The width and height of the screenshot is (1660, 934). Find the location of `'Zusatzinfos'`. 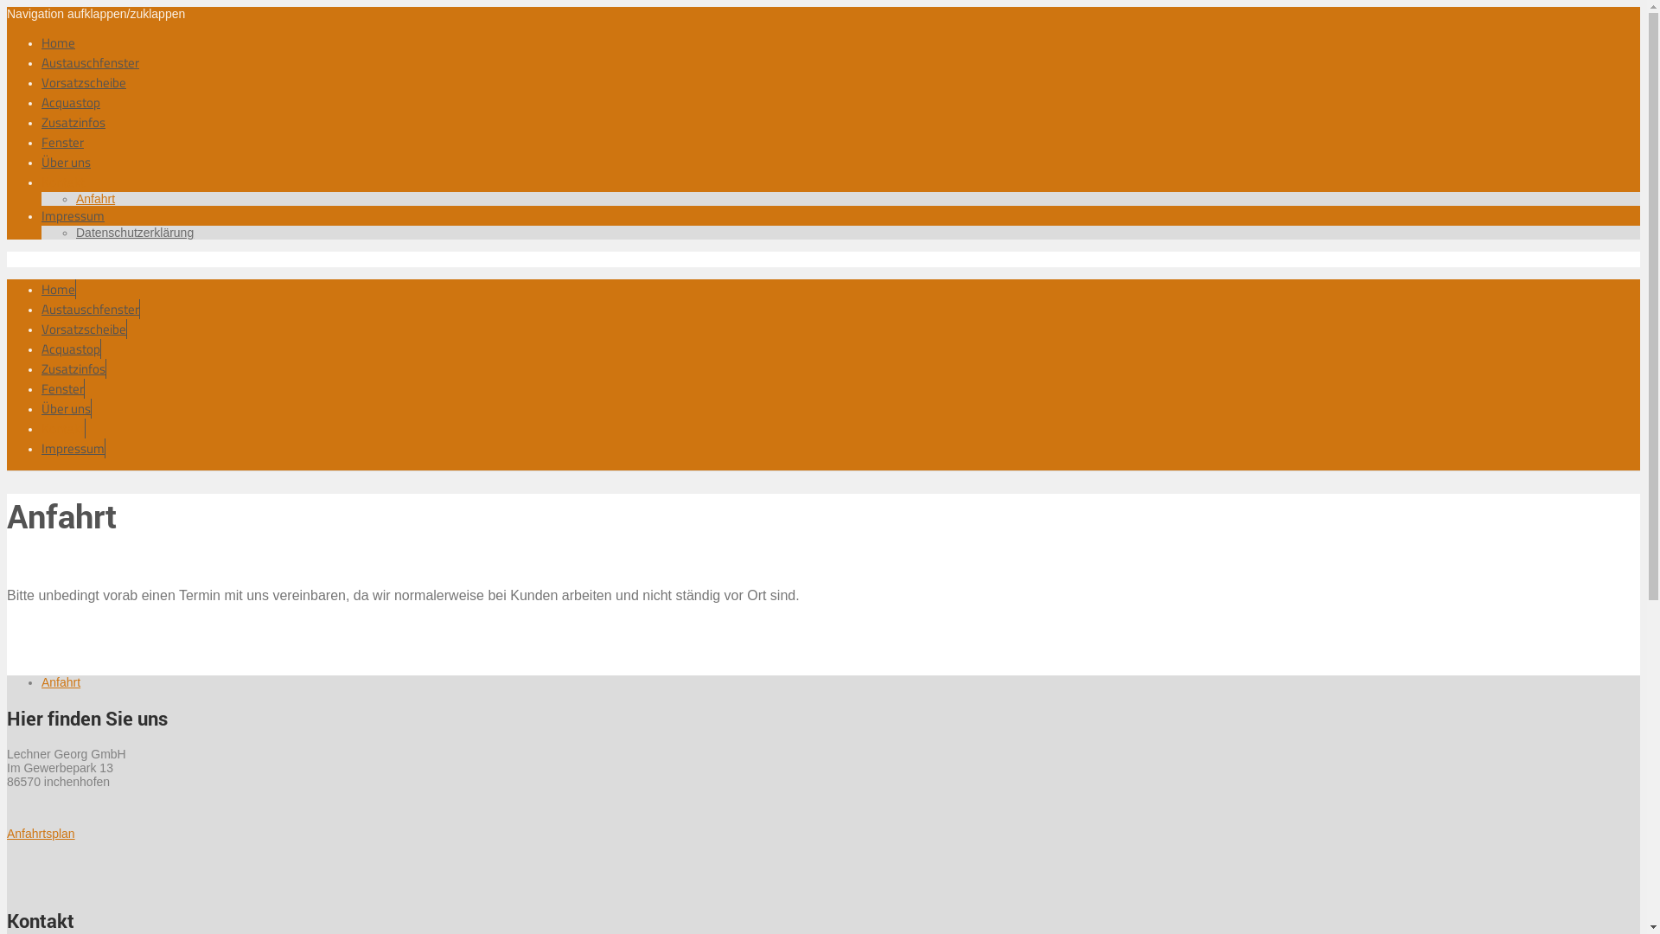

'Zusatzinfos' is located at coordinates (73, 368).